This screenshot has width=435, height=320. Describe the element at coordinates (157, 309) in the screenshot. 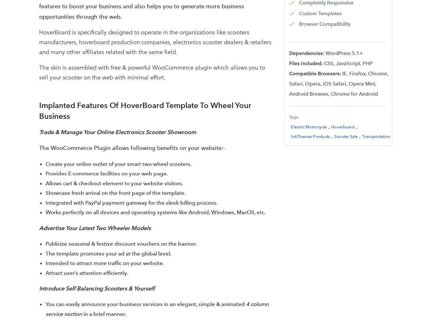

I see `'4 column service section'` at that location.